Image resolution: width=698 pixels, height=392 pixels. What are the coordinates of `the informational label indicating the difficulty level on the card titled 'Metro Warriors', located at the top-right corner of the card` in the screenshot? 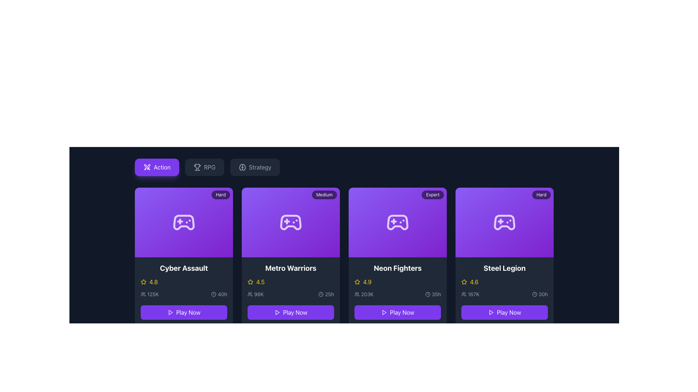 It's located at (324, 194).